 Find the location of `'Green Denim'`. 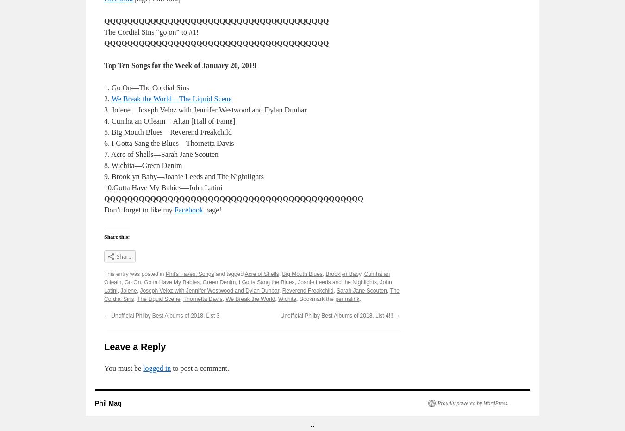

'Green Denim' is located at coordinates (219, 282).